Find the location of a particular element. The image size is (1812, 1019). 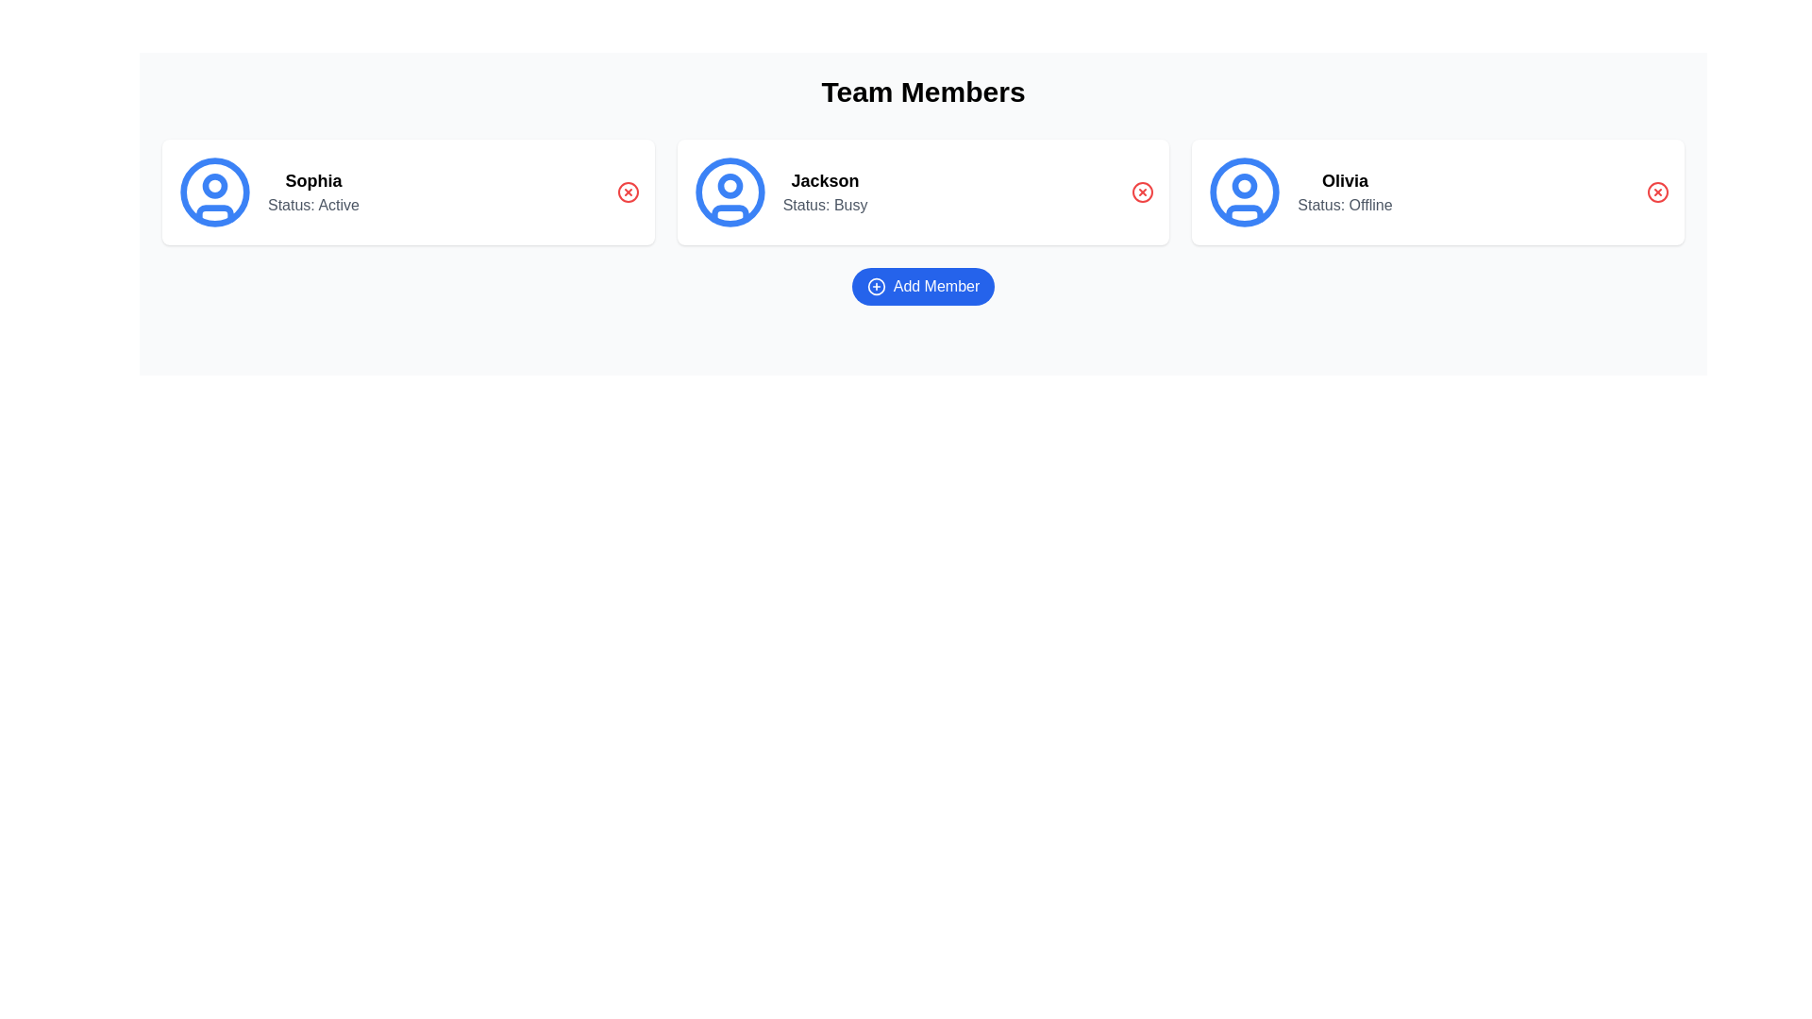

the text label displaying 'Jackson', which is styled prominently in bold and located above the 'Status: Busy' text in the middle user card of the profile cards under 'Team Members' is located at coordinates (825, 181).